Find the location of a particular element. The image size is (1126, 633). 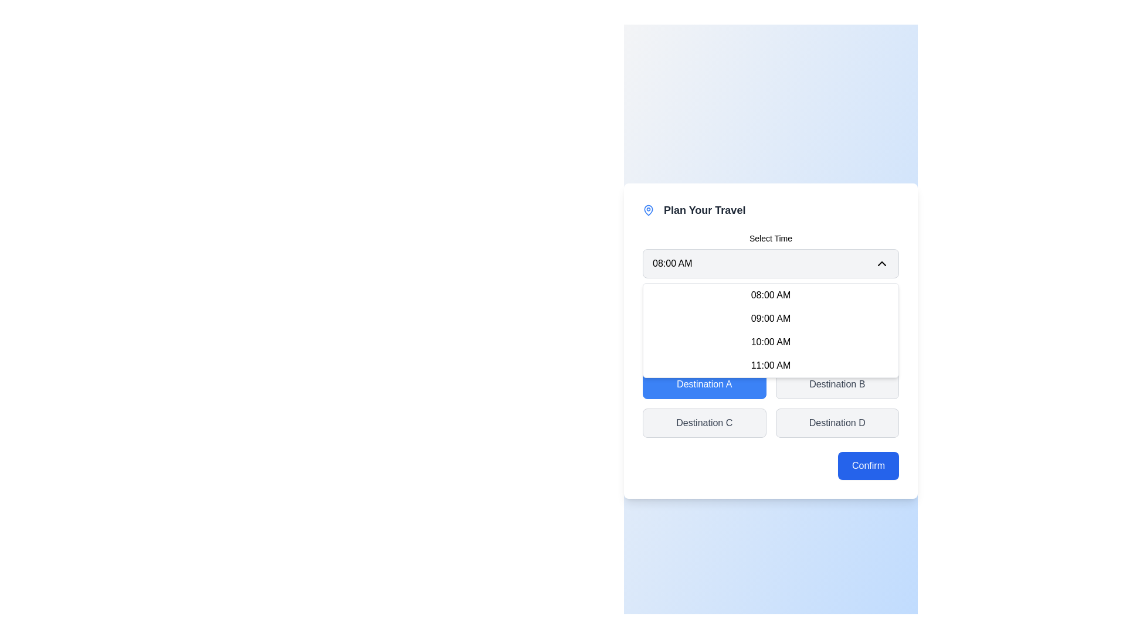

to select the option displaying '11:00 AM', which is the fourth item in a vertically stacked list of time options is located at coordinates (771, 365).